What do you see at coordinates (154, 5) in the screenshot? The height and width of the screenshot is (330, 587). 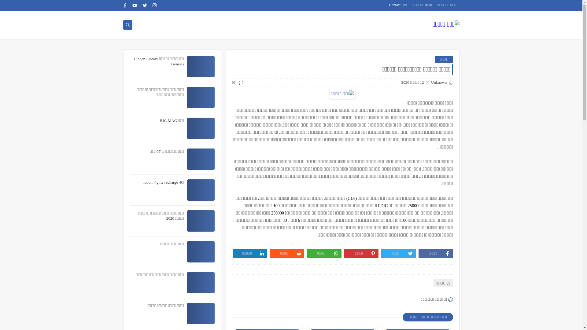 I see `'instagram'` at bounding box center [154, 5].